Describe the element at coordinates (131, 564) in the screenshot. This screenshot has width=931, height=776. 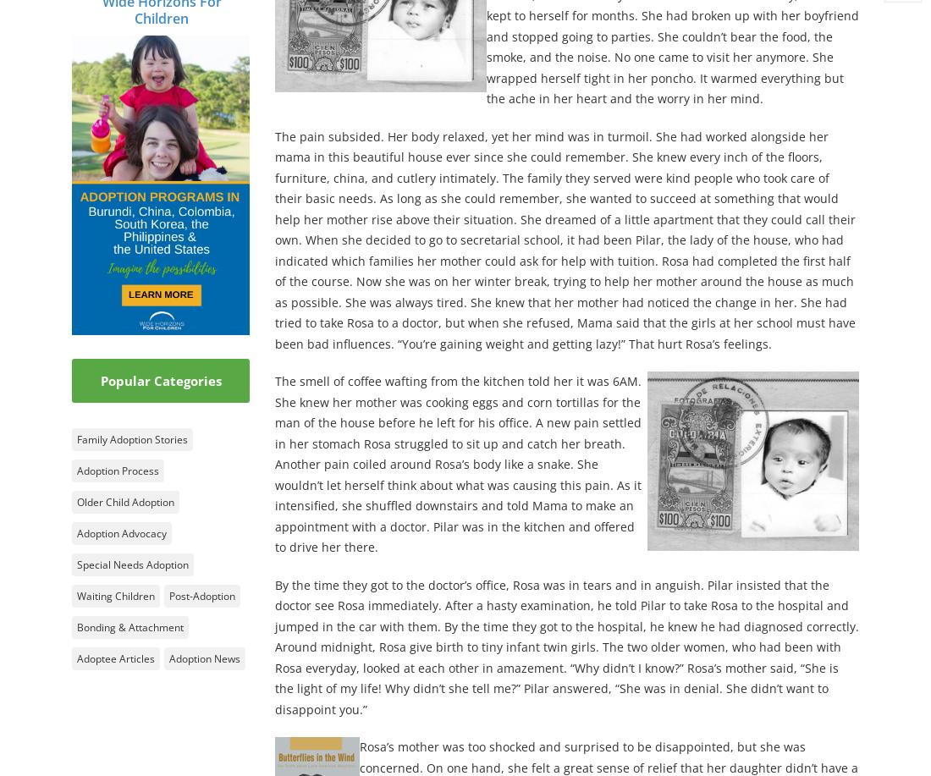
I see `'Special Needs Adoption'` at that location.